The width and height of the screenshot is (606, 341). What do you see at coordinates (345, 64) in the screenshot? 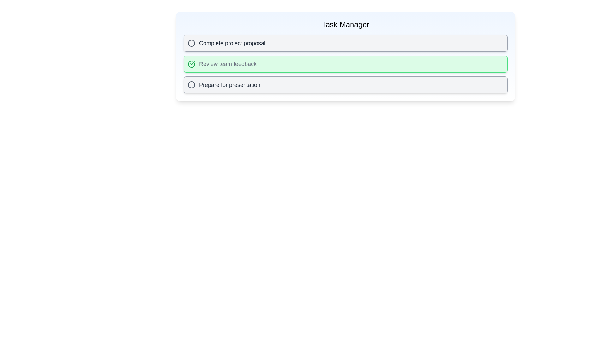
I see `the task with description 'Review team feedback' to observe the hover effect` at bounding box center [345, 64].